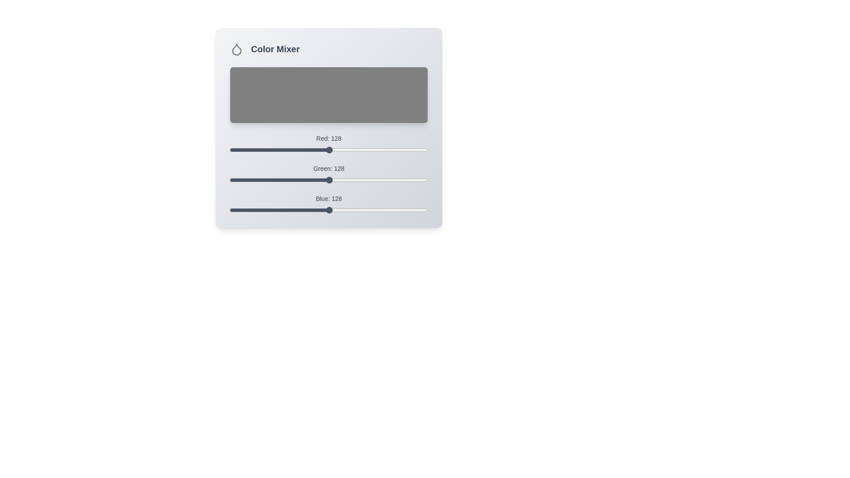 The width and height of the screenshot is (850, 478). I want to click on the 0 slider to 219, so click(399, 146).